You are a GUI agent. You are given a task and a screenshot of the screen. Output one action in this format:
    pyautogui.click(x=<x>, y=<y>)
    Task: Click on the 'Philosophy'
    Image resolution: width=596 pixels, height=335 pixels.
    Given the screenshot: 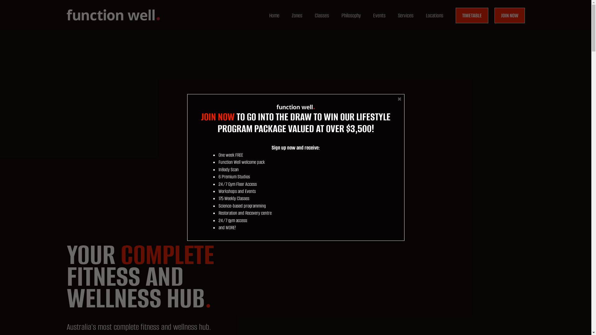 What is the action you would take?
    pyautogui.click(x=351, y=15)
    